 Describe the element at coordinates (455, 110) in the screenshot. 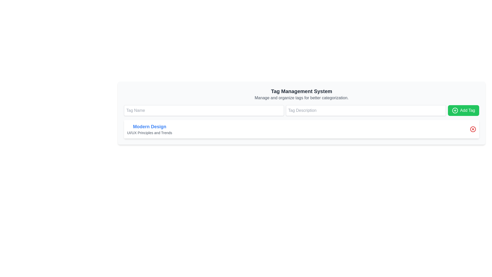

I see `the SVG graphic icon, which is a circle with a plus sign inside, located within the green 'Add Tag' button at the right end of a horizontal input field` at that location.